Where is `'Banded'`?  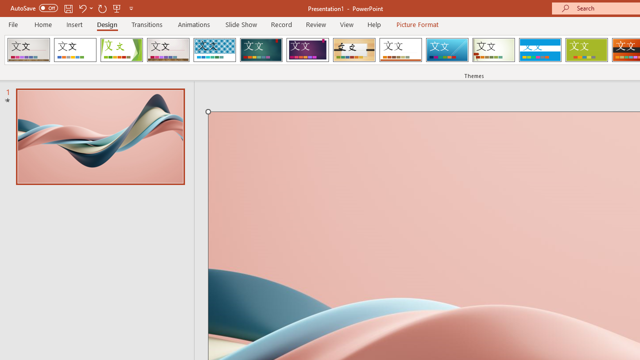
'Banded' is located at coordinates (539, 50).